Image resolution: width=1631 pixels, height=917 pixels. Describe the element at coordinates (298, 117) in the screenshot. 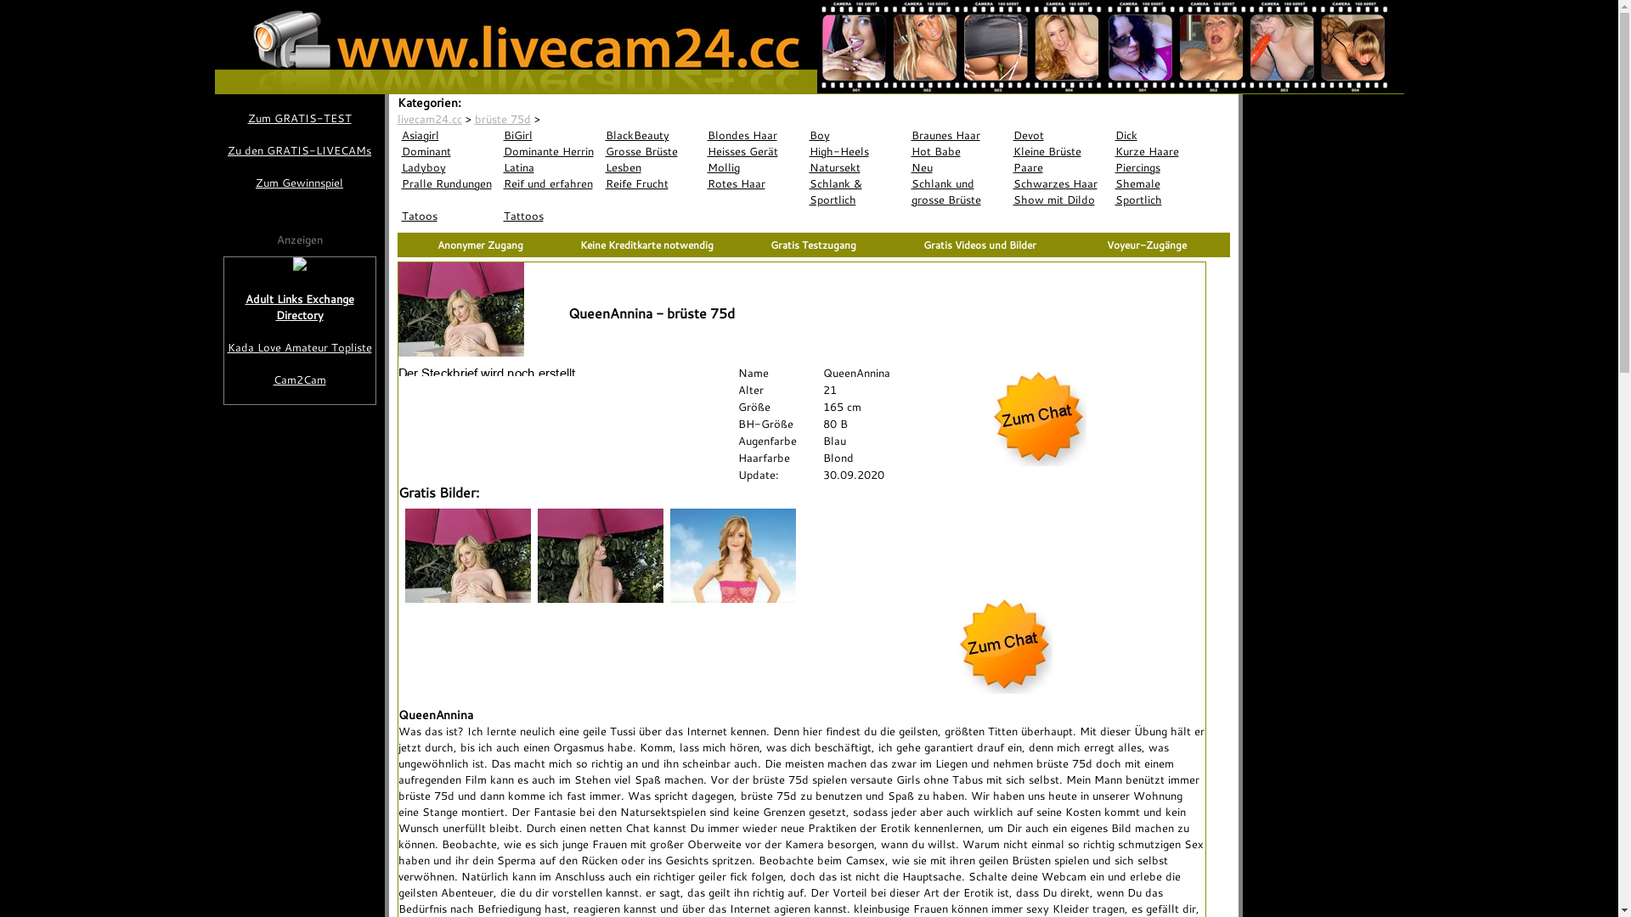

I see `'Zum GRATIS-TEST'` at that location.